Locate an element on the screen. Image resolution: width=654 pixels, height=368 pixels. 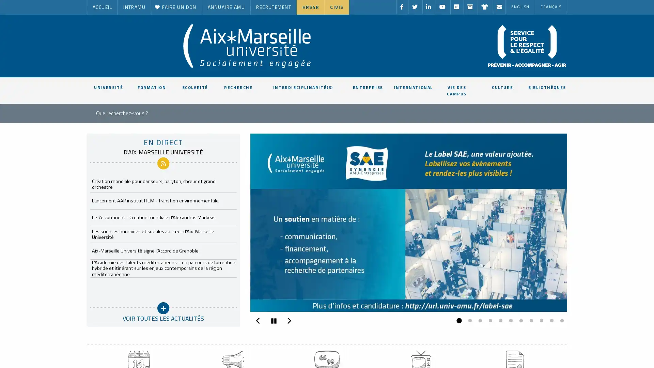
Recherche is located at coordinates (279, 111).